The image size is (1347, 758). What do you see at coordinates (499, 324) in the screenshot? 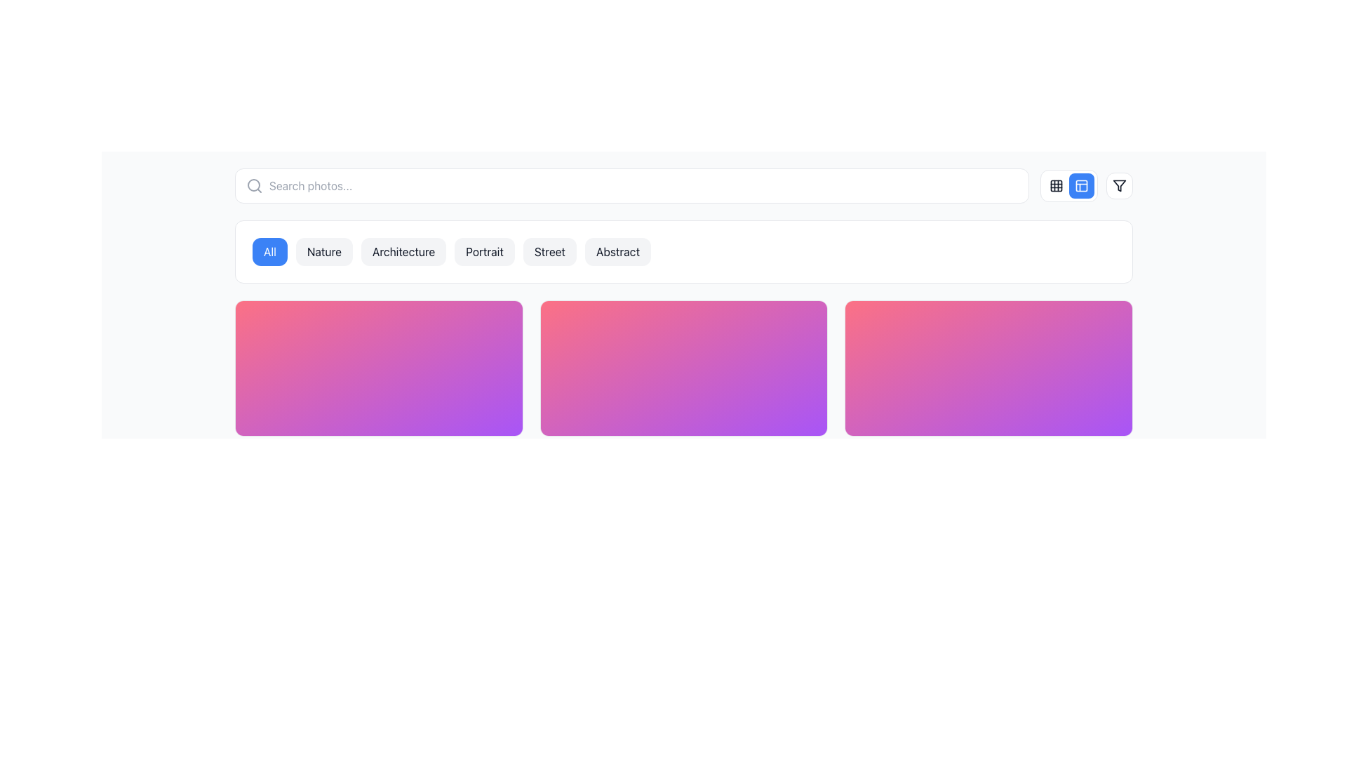
I see `the download button located in the top-right corner of the leftmost card in the horizontally aligned card layout to initiate the download action` at bounding box center [499, 324].